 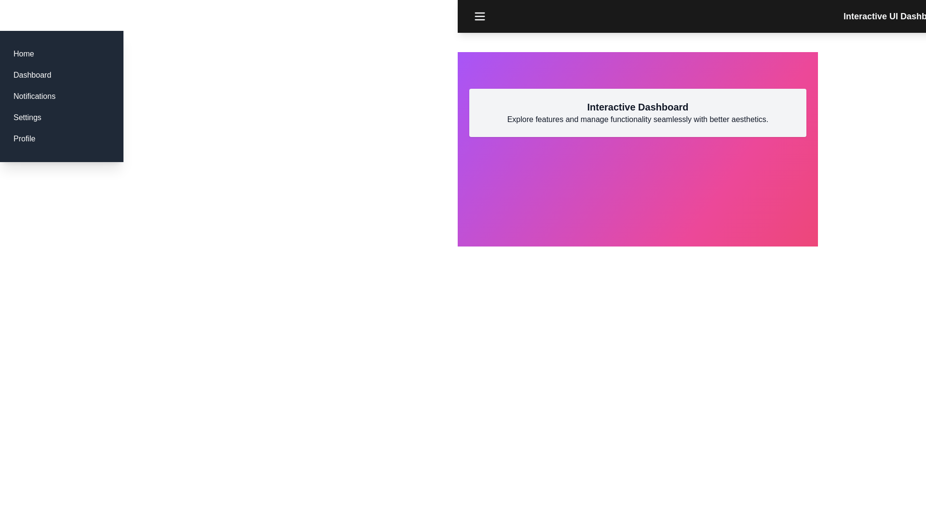 I want to click on the menu item Dashboard from the side navigation menu, so click(x=32, y=74).